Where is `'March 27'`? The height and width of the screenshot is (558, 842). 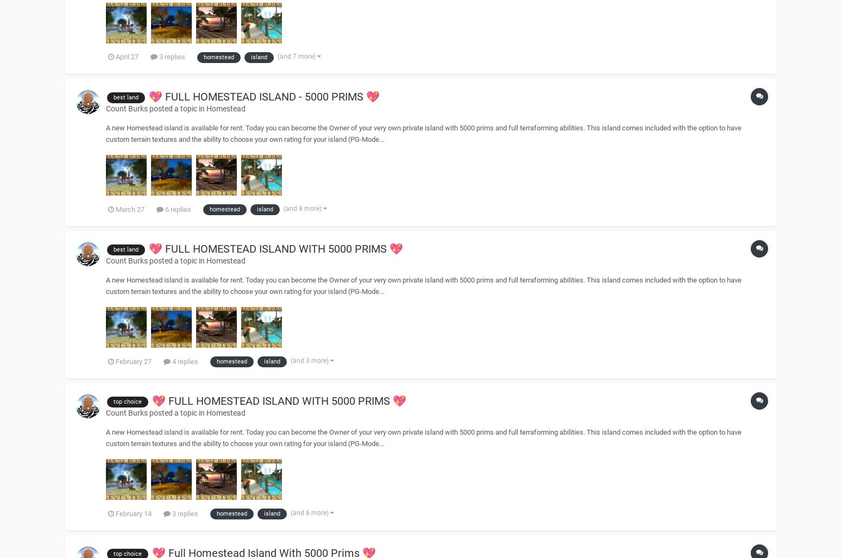
'March 27' is located at coordinates (130, 209).